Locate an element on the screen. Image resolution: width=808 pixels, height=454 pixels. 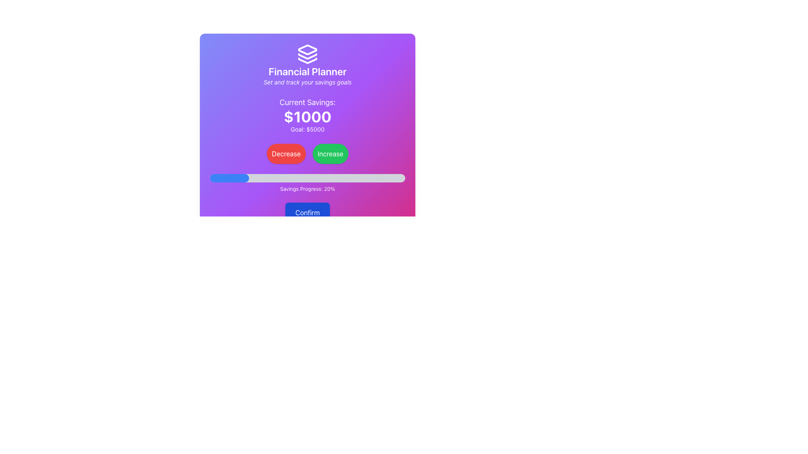
the 'Increase' button in the Multi-button group to augment the savings amount displayed above is located at coordinates (307, 154).